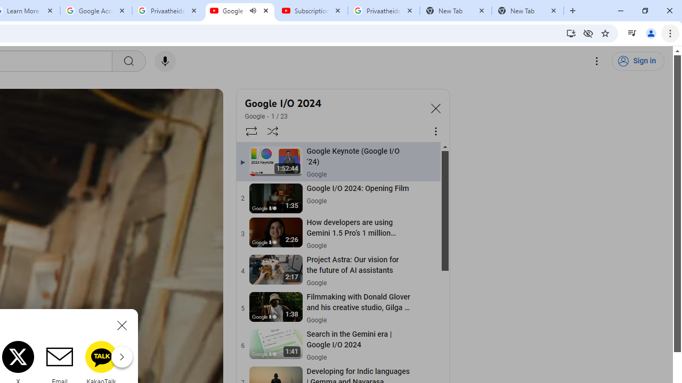 The width and height of the screenshot is (682, 383). I want to click on 'New Tab', so click(527, 11).